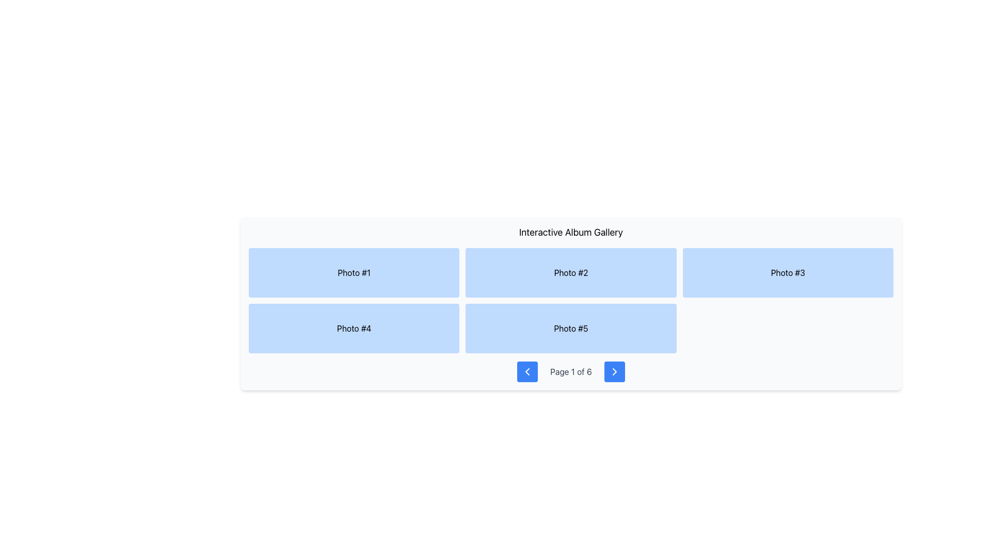 This screenshot has width=991, height=557. I want to click on the 'Previous Page' chevron icon located inside the blue square button at the bottom left corner of the pagination control area, so click(528, 372).